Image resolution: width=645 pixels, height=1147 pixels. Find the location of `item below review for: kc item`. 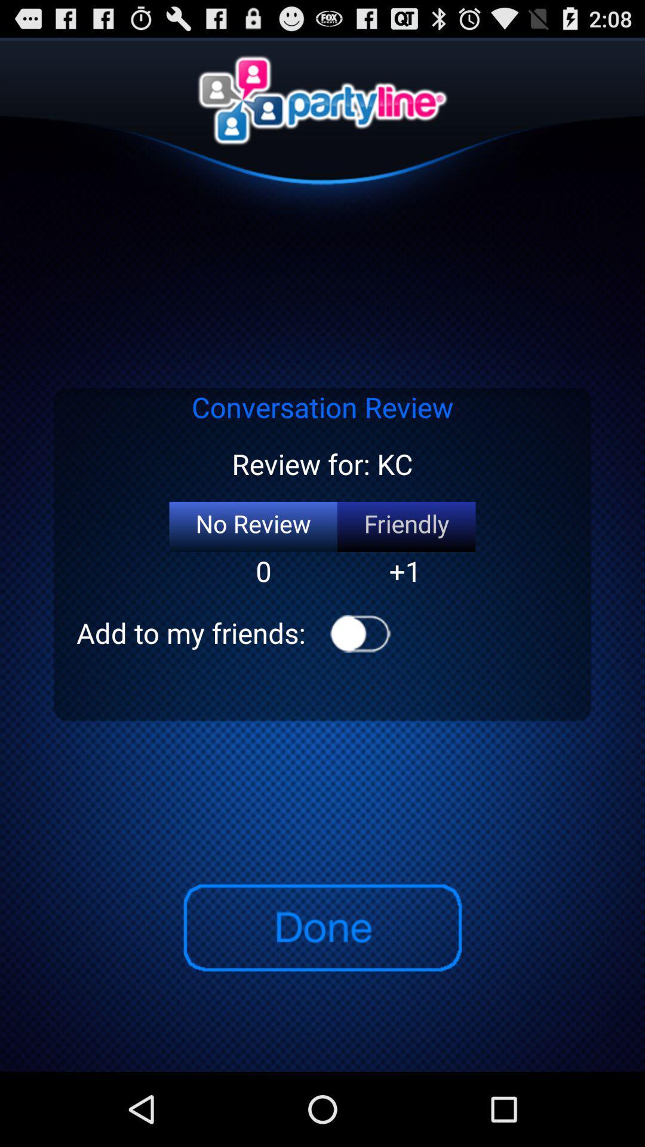

item below review for: kc item is located at coordinates (253, 526).